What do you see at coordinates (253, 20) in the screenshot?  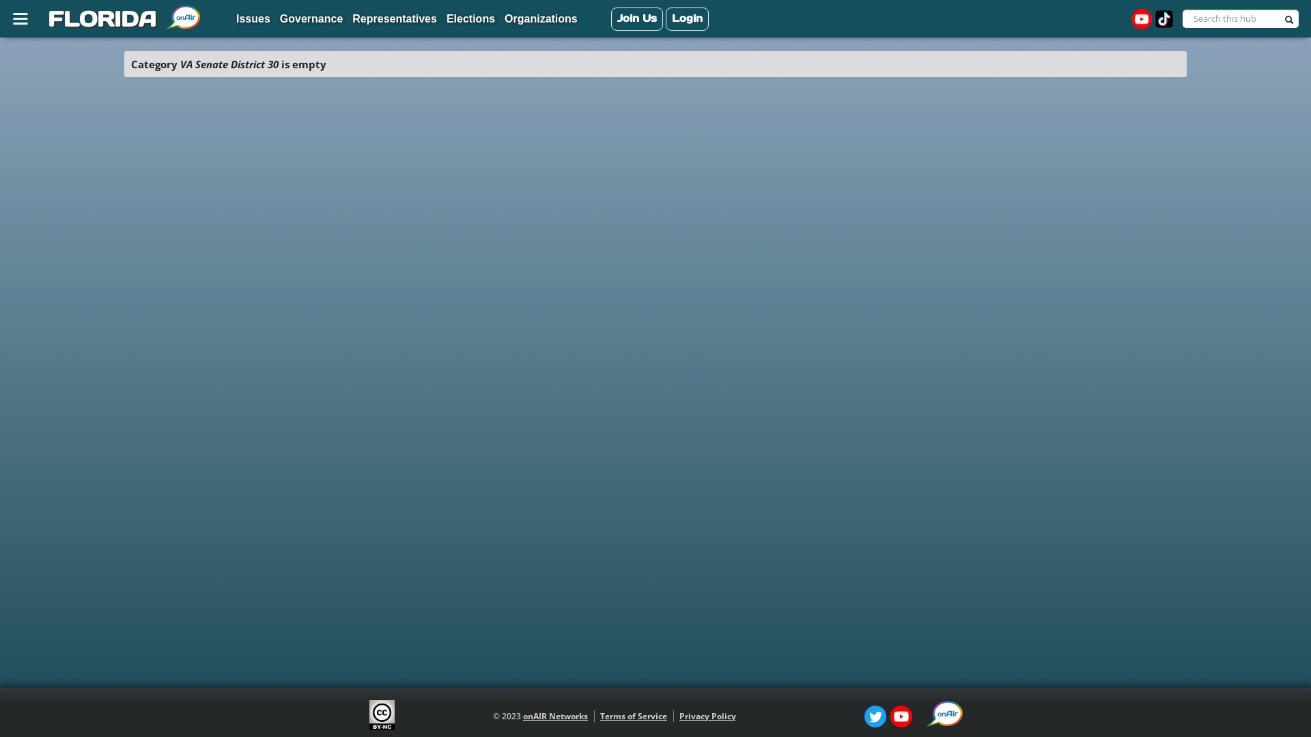 I see `'Issues'` at bounding box center [253, 20].